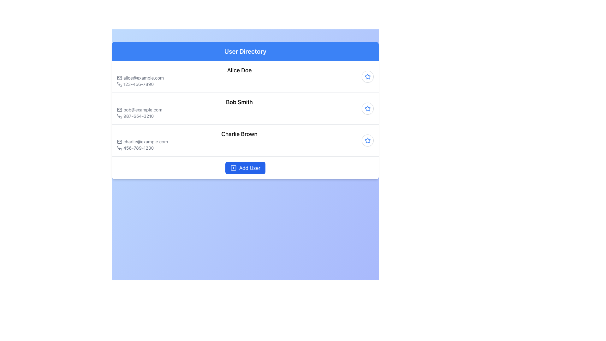 The height and width of the screenshot is (341, 606). I want to click on the Text display header displaying 'Alice Doe', which is the main identifying header for the user's profile information, so click(239, 70).